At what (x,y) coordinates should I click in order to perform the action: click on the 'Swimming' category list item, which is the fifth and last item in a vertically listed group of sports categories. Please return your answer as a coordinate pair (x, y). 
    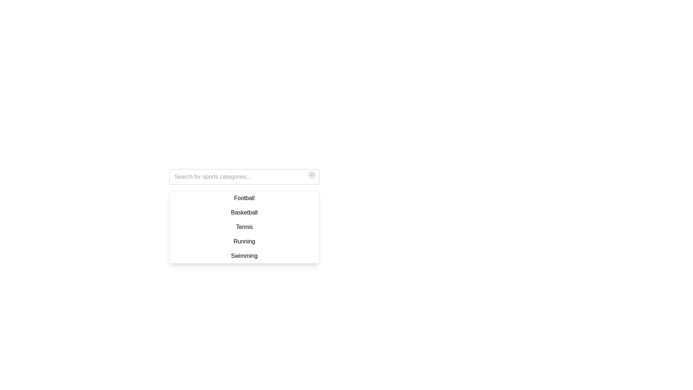
    Looking at the image, I should click on (244, 256).